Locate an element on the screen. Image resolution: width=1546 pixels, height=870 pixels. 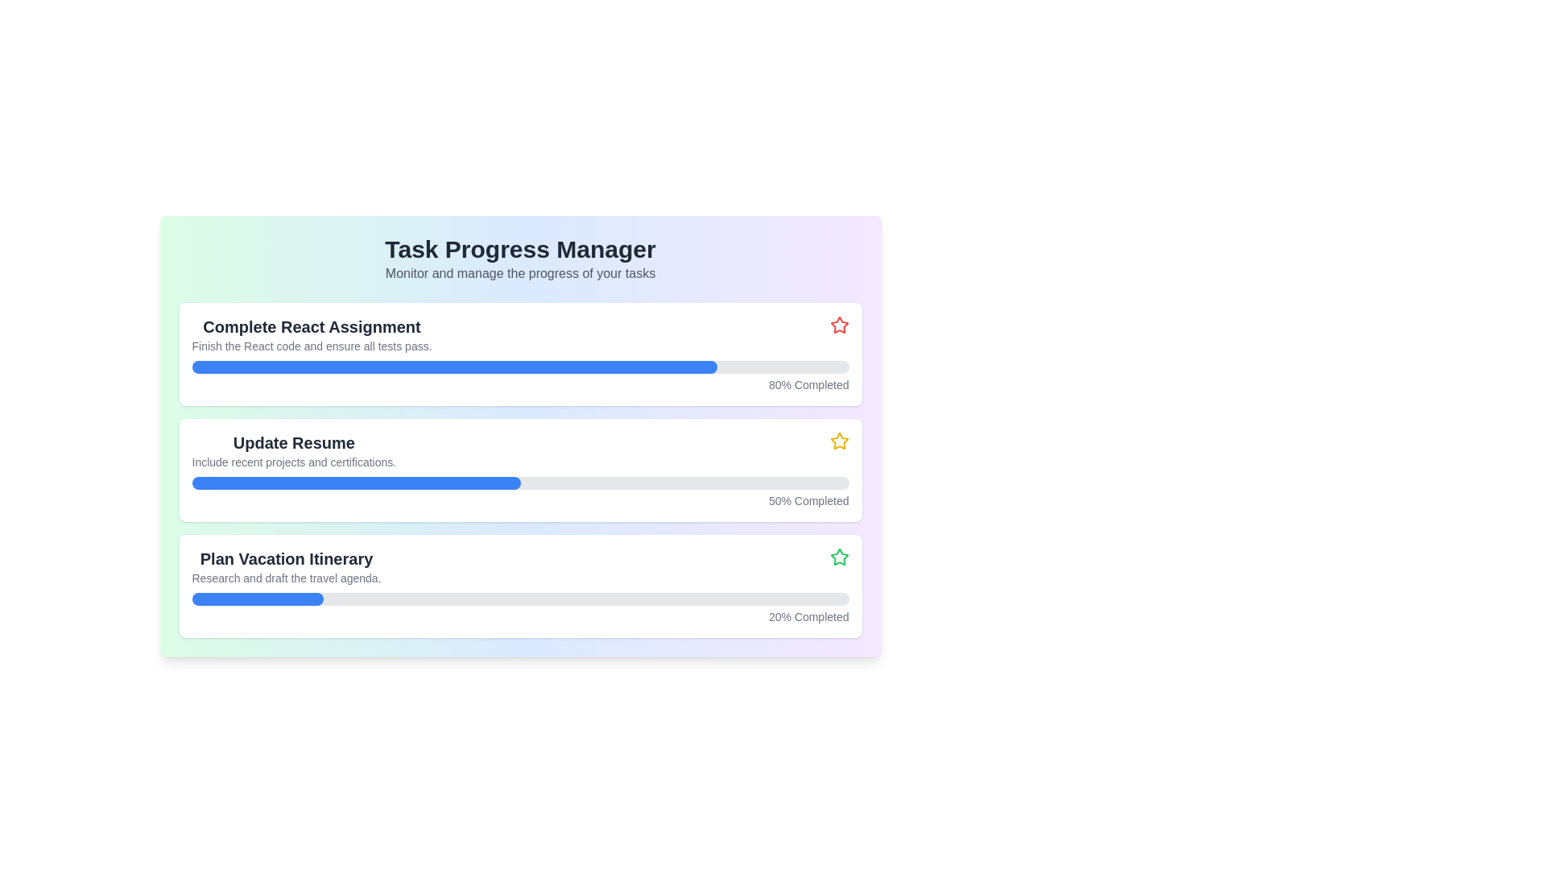
text element displaying 'Research and draft the travel agenda.' located below the 'Plan Vacation Itinerary' in the third task card is located at coordinates (286, 577).